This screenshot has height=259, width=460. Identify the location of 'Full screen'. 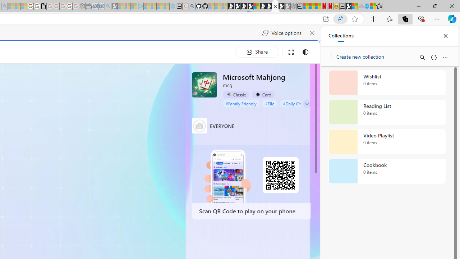
(291, 51).